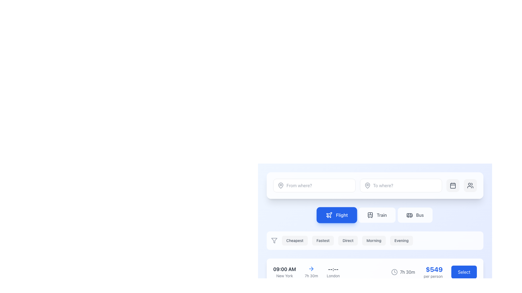  Describe the element at coordinates (464, 272) in the screenshot. I see `the rectangular button with a blue background and white text reading 'Select' to observe its hover effect` at that location.